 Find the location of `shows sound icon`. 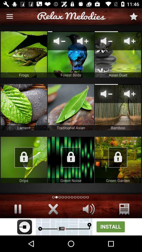

shows sound icon is located at coordinates (89, 209).